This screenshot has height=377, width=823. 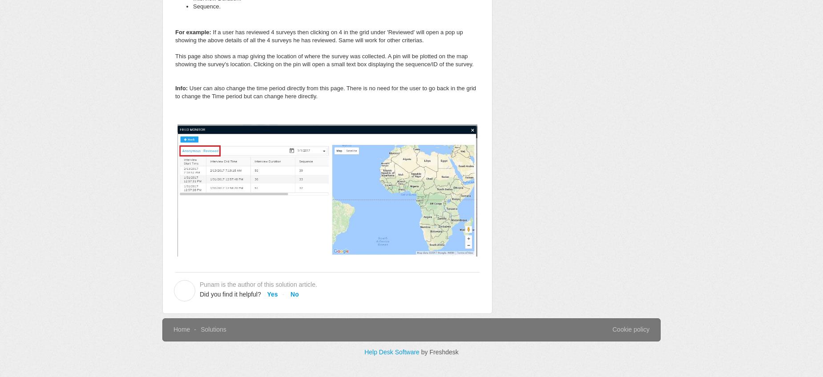 What do you see at coordinates (181, 329) in the screenshot?
I see `'Home'` at bounding box center [181, 329].